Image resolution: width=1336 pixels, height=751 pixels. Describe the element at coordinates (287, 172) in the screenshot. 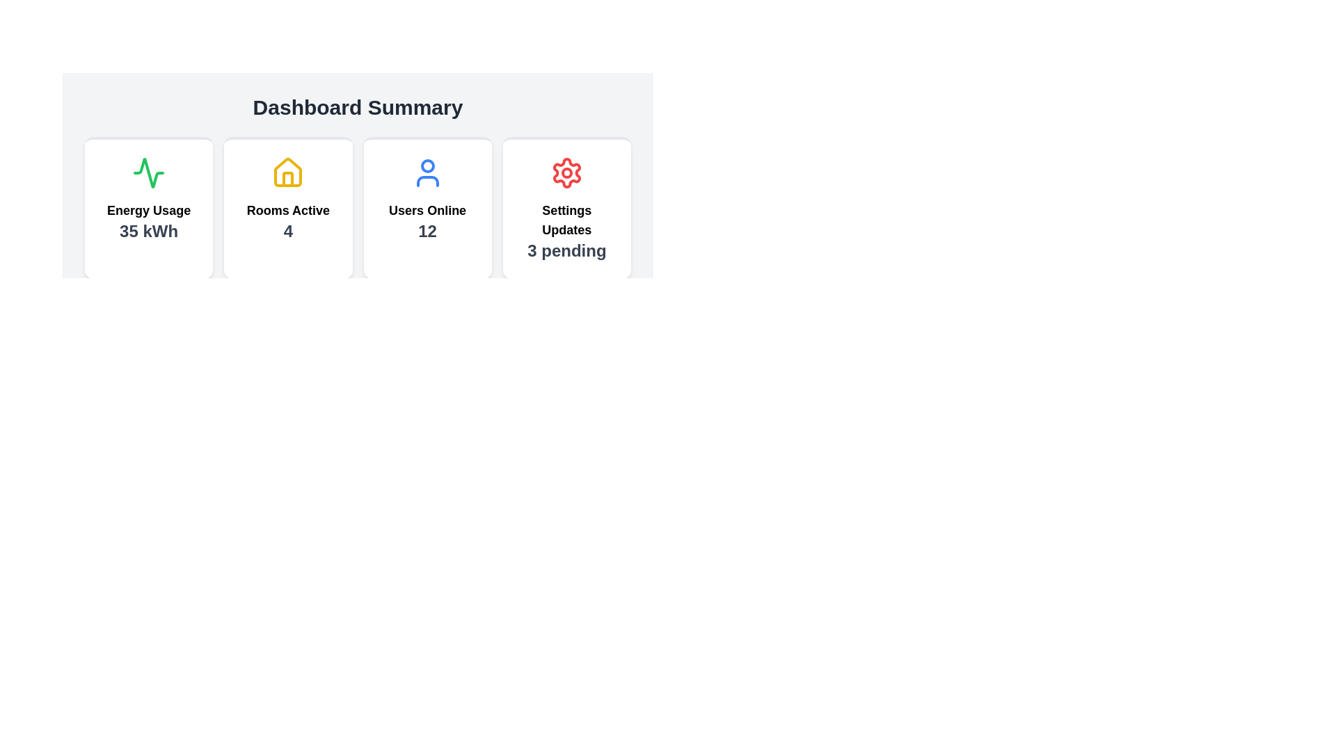

I see `the yellow house icon with rounded corners located inside the 'Rooms Active' card, which is the second card from the left in the row of summary cards` at that location.